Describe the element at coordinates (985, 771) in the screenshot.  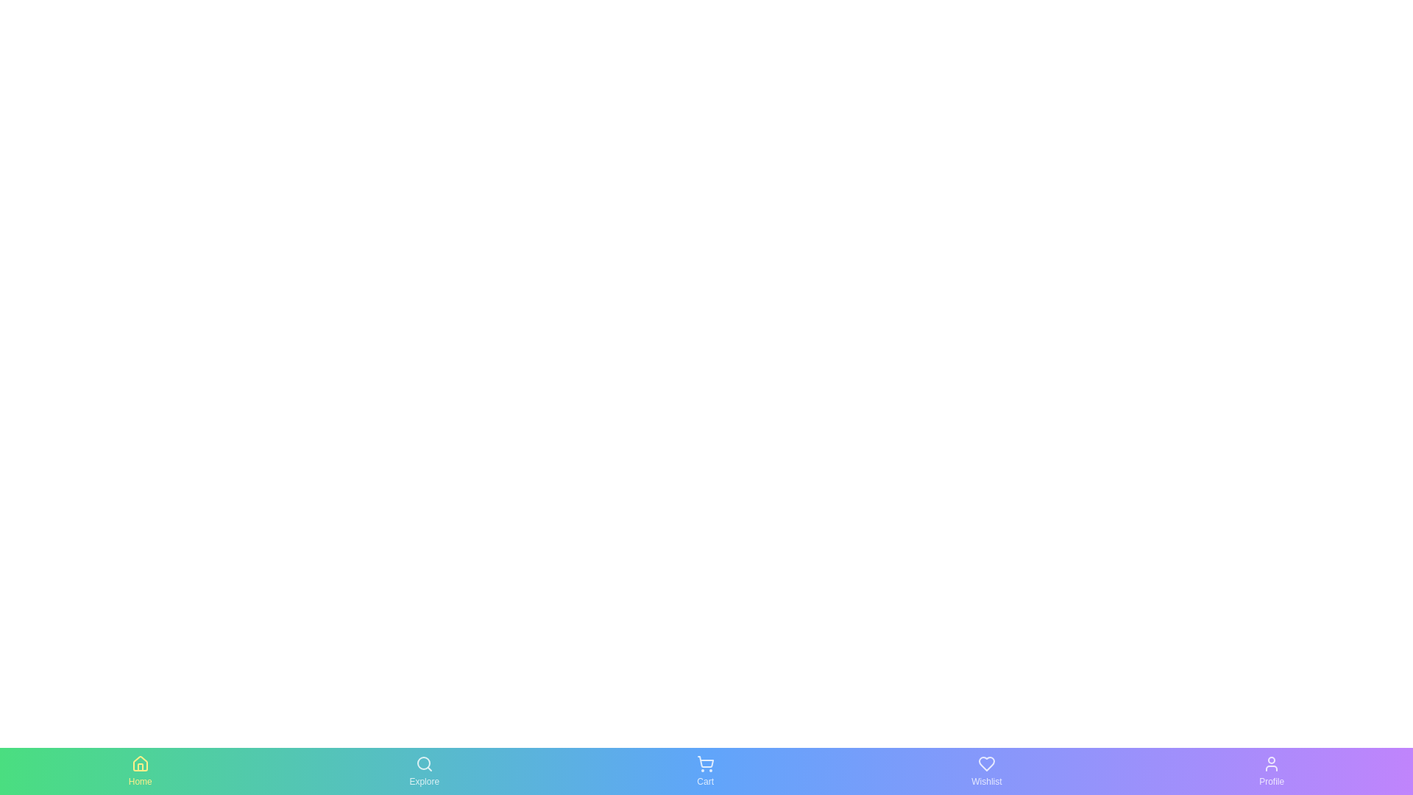
I see `the Wishlist navigation icon to trigger navigation` at that location.